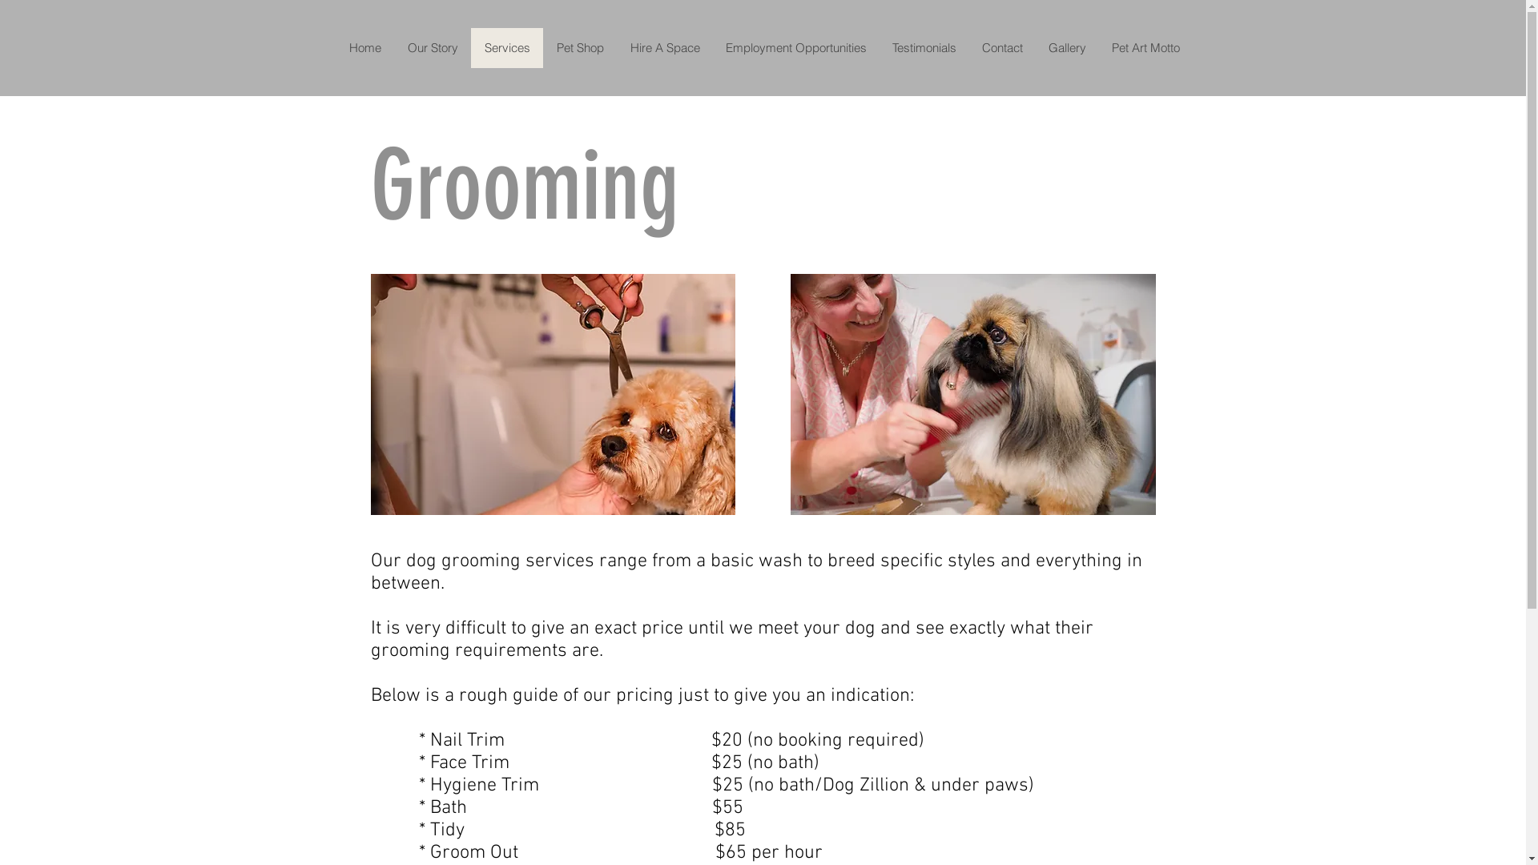 The image size is (1538, 865). Describe the element at coordinates (795, 47) in the screenshot. I see `'Employment Opportunities'` at that location.